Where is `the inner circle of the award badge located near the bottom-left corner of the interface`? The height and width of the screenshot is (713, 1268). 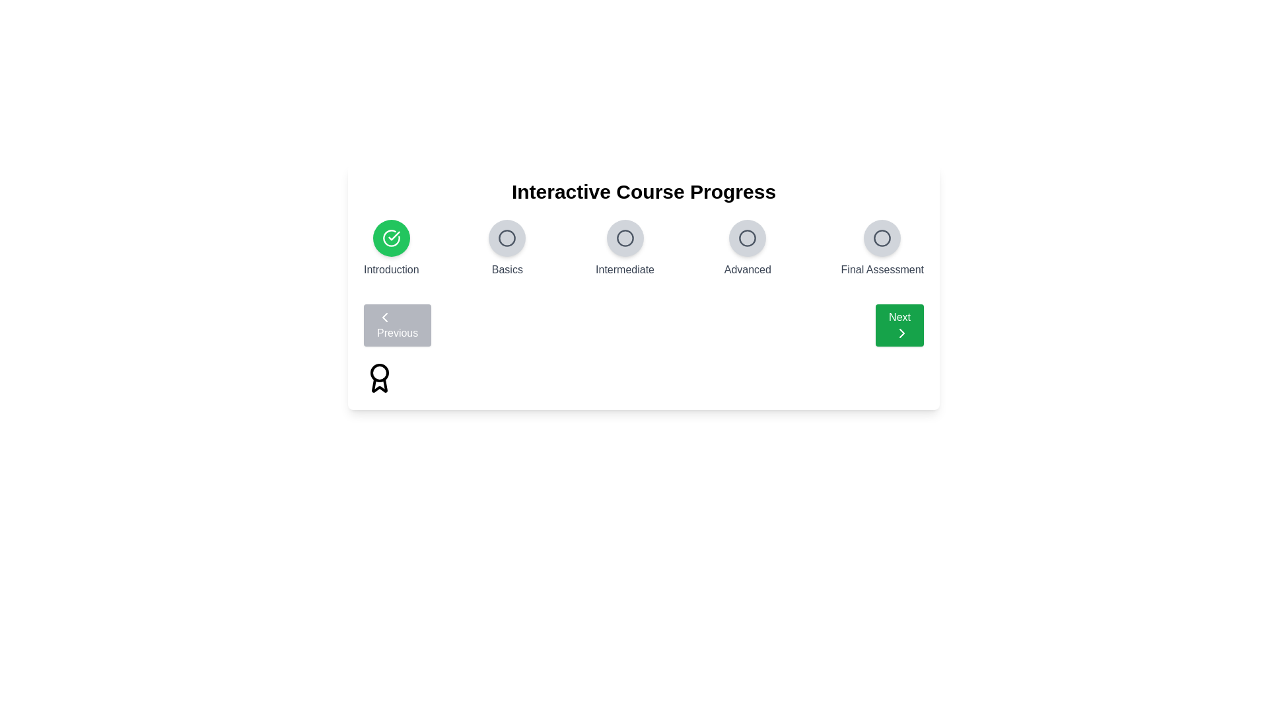 the inner circle of the award badge located near the bottom-left corner of the interface is located at coordinates (379, 372).